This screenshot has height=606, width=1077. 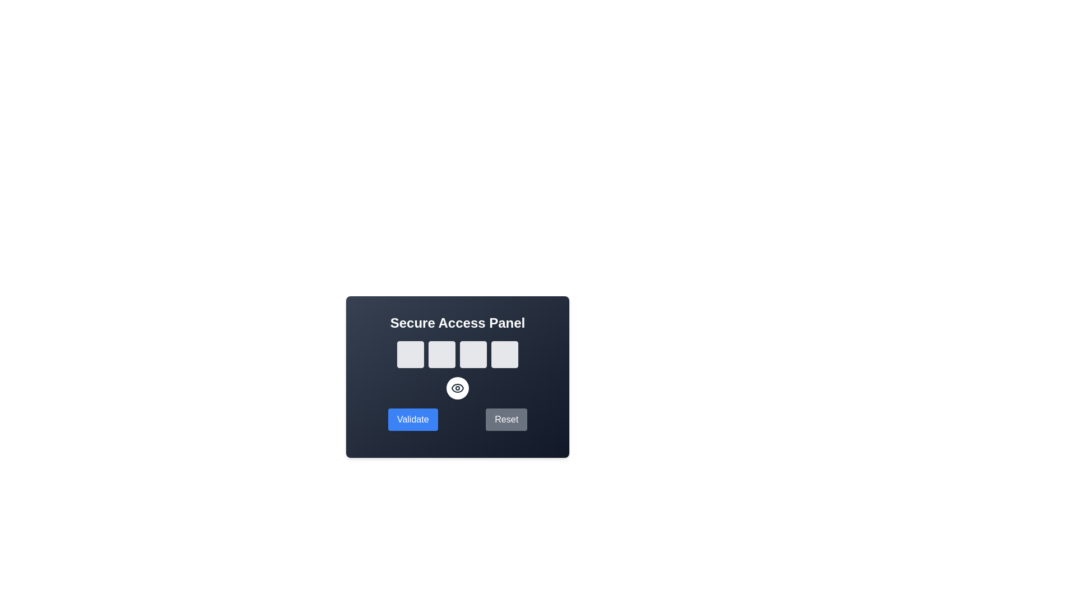 I want to click on the small circular button with a white background and a gray eye icon, so click(x=458, y=387).